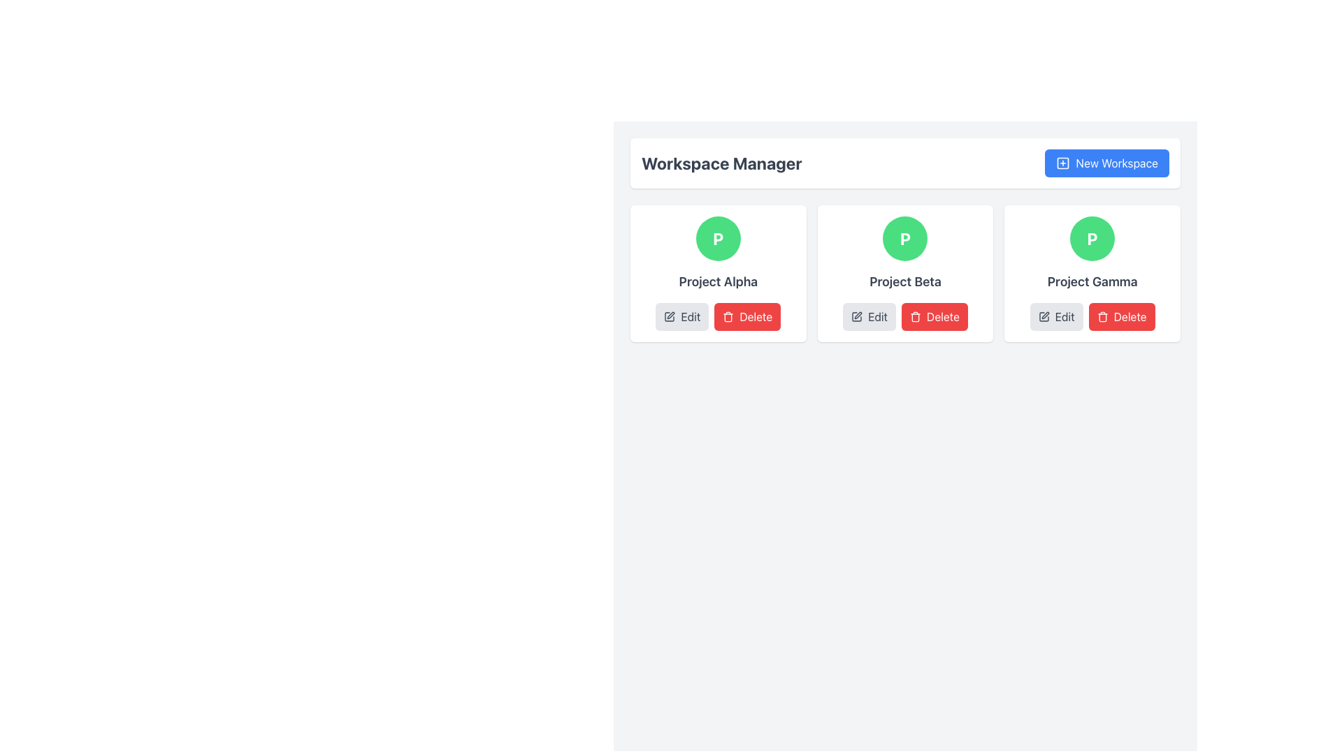 This screenshot has height=754, width=1342. I want to click on the text label 'Project Gamma' which identifies the card contents, positioned below the circular green icon labeled 'P' and above the 'Edit' and 'Delete' buttons in the third card of a horizontal grid layout, so click(1092, 282).